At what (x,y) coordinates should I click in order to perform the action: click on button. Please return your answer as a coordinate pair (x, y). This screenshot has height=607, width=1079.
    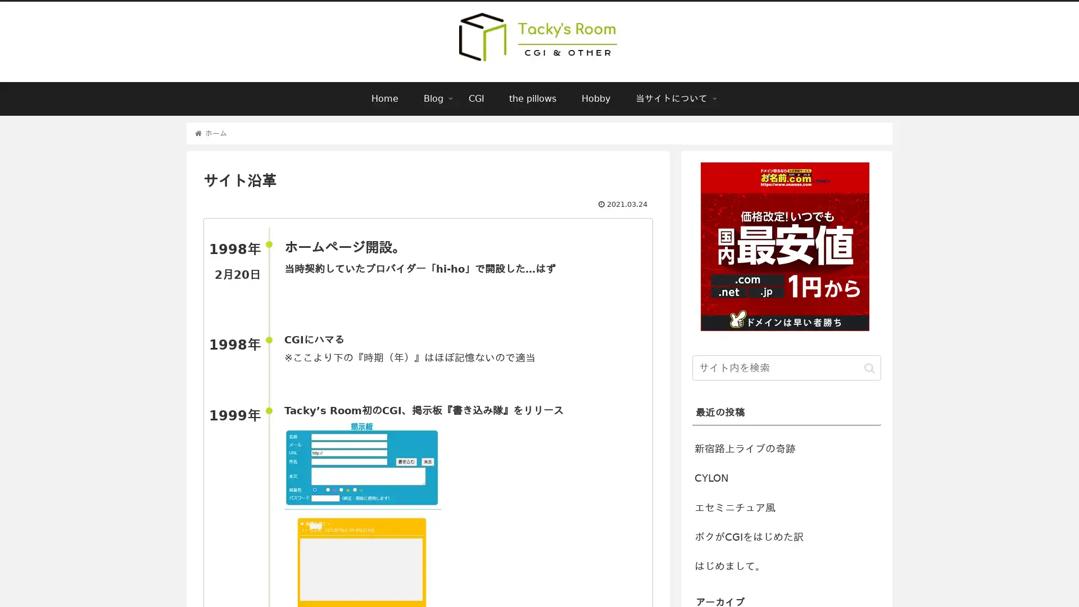
    Looking at the image, I should click on (869, 368).